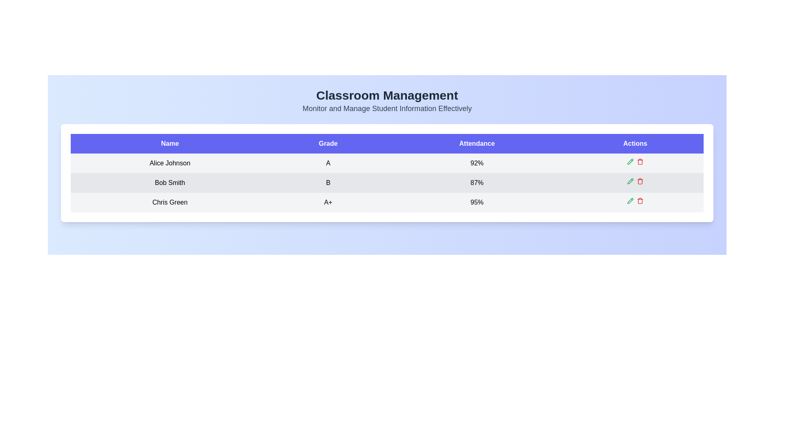  What do you see at coordinates (169, 202) in the screenshot?
I see `the text 'Chris Green' in the bold black font located in the third row of the 'Name' column in the data table` at bounding box center [169, 202].